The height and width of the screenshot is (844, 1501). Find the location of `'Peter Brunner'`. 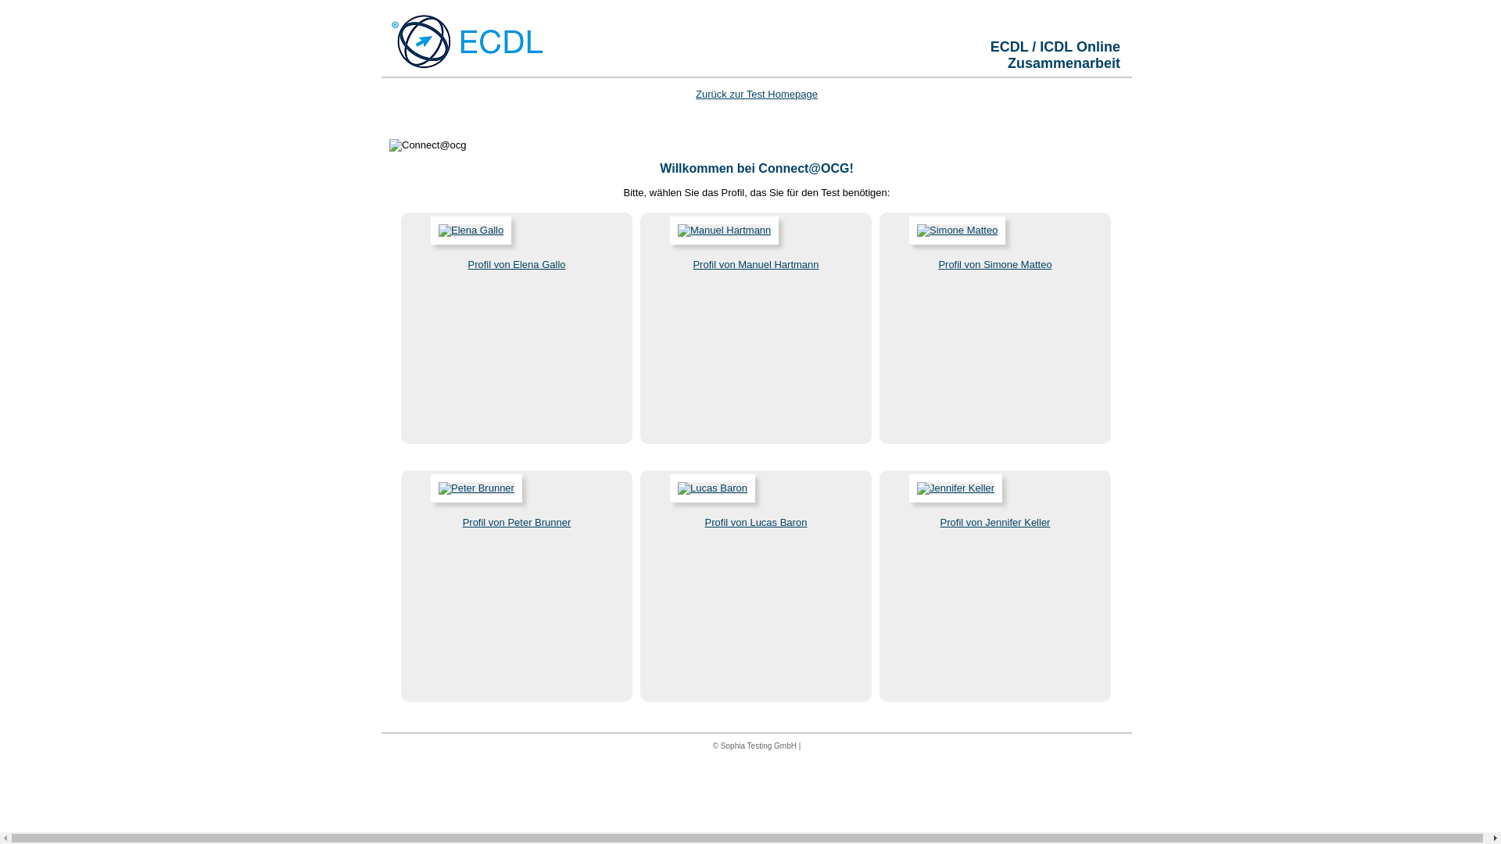

'Peter Brunner' is located at coordinates (475, 487).